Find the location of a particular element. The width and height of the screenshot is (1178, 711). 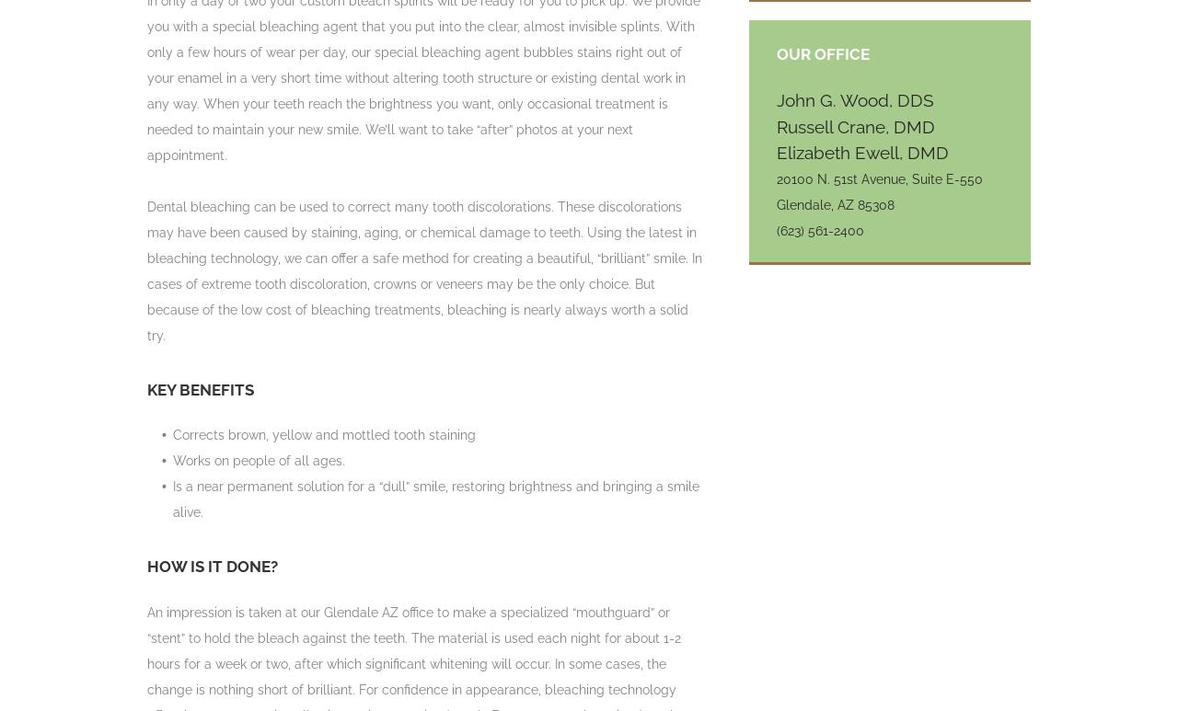

'Is a near permanent solution for a “dull” smile, restoring brightness and bringing a smile alive.' is located at coordinates (434, 499).